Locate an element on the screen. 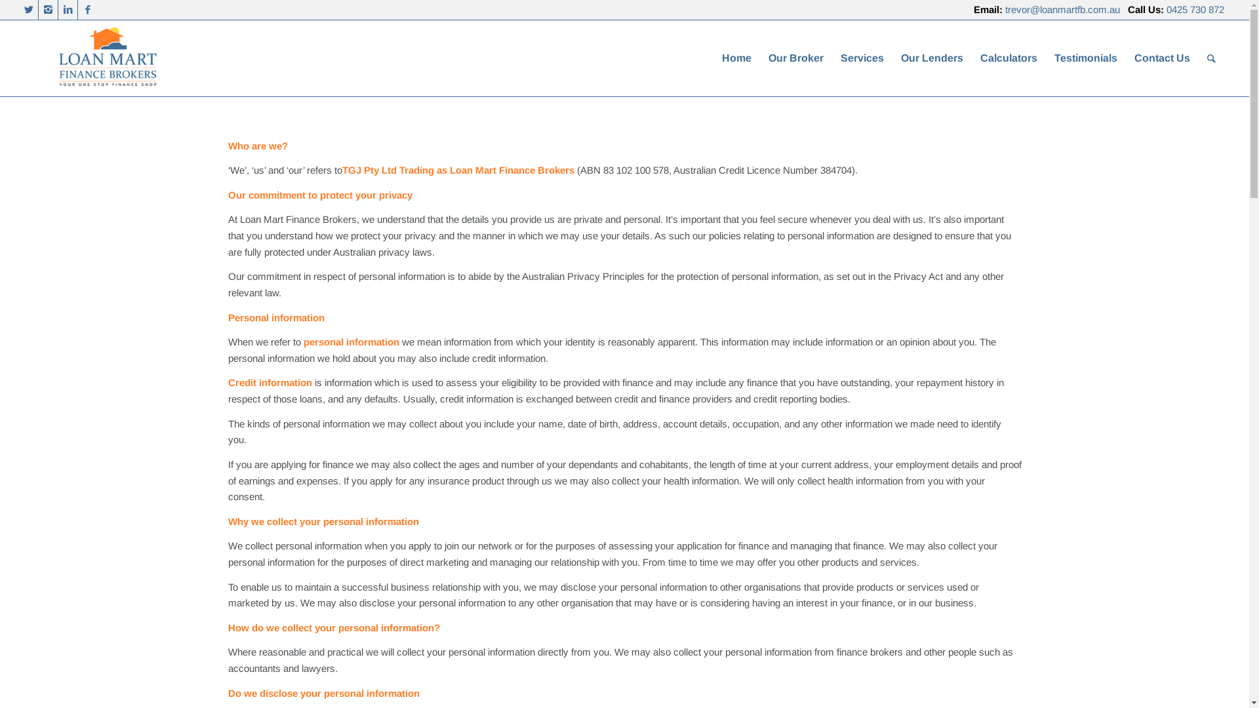 This screenshot has height=708, width=1259. 'Home' is located at coordinates (713, 57).